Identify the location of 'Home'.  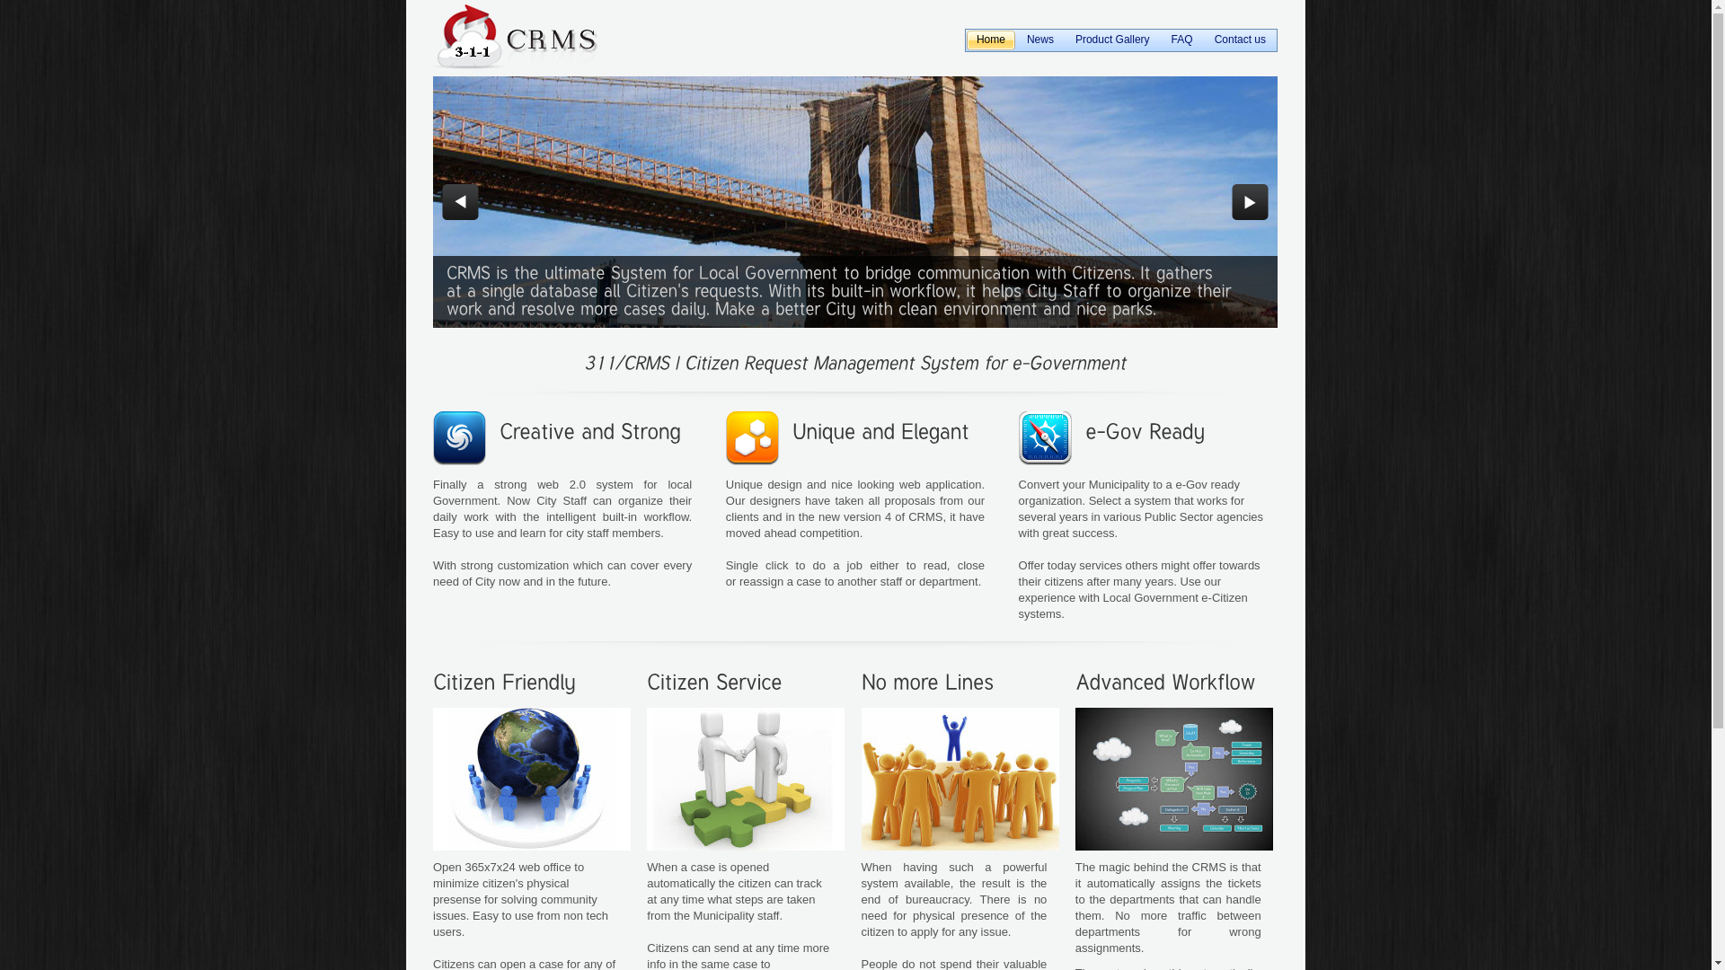
(990, 40).